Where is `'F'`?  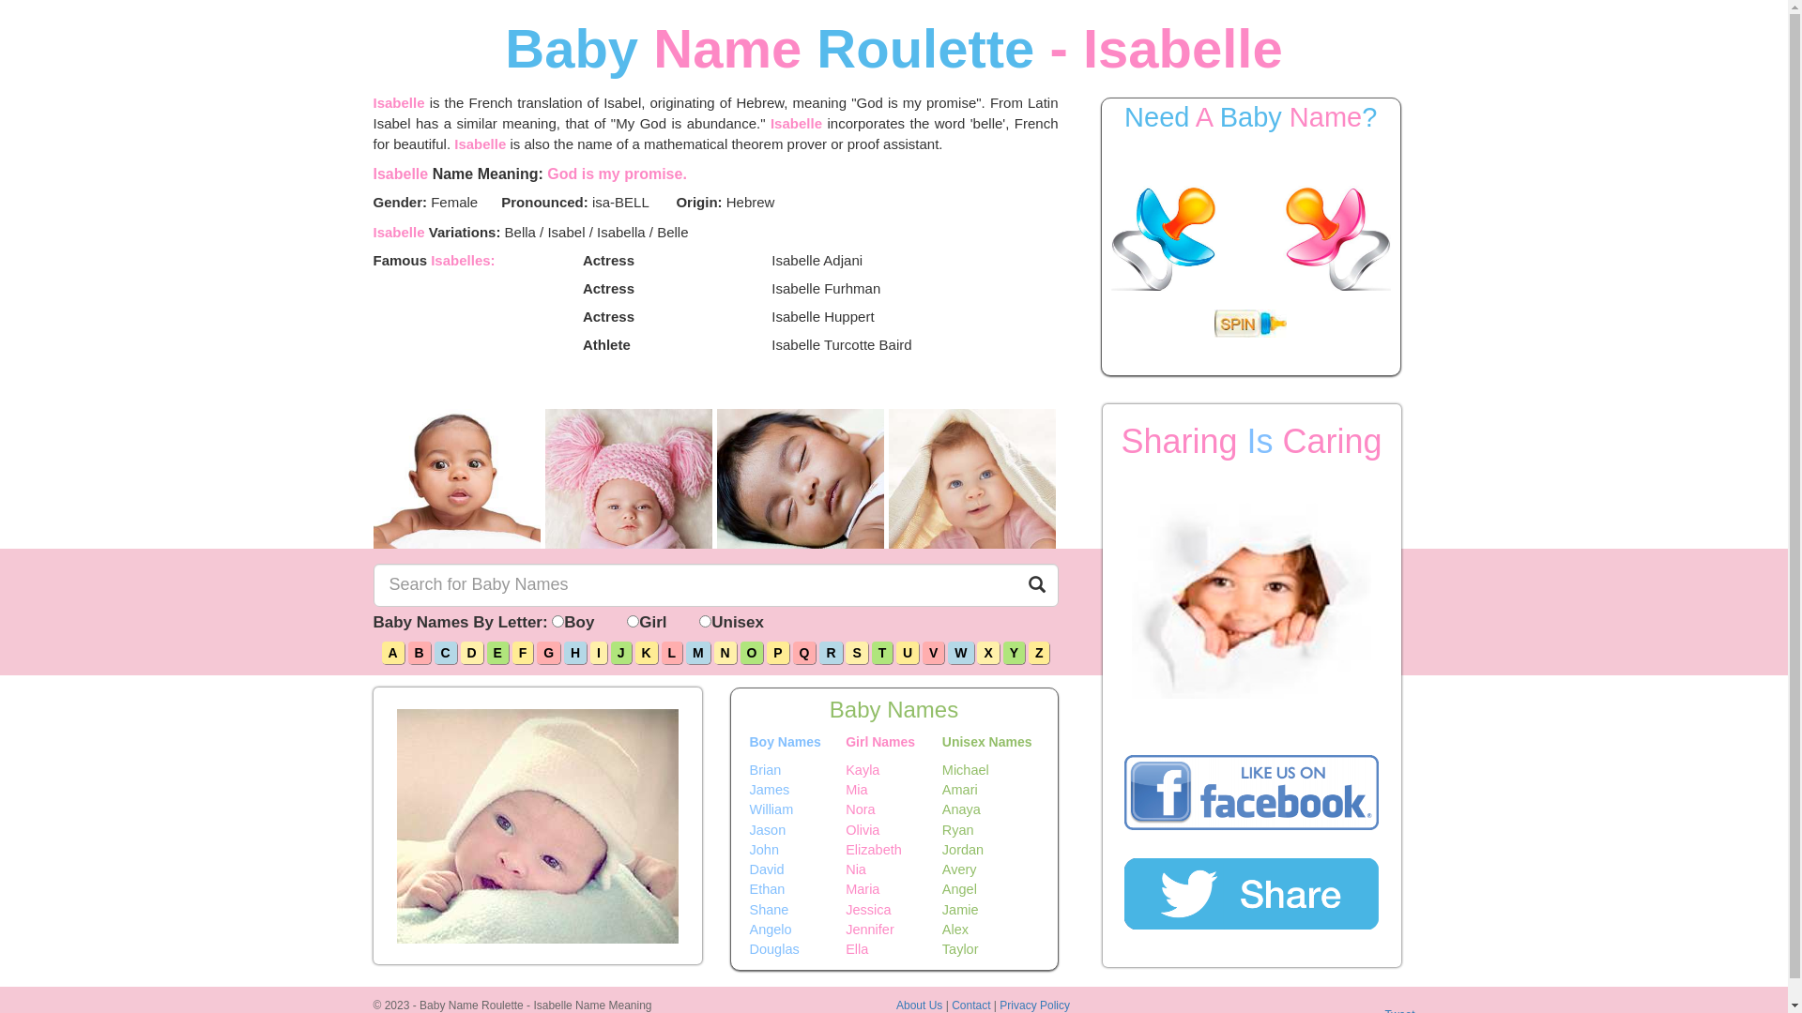 'F' is located at coordinates (523, 651).